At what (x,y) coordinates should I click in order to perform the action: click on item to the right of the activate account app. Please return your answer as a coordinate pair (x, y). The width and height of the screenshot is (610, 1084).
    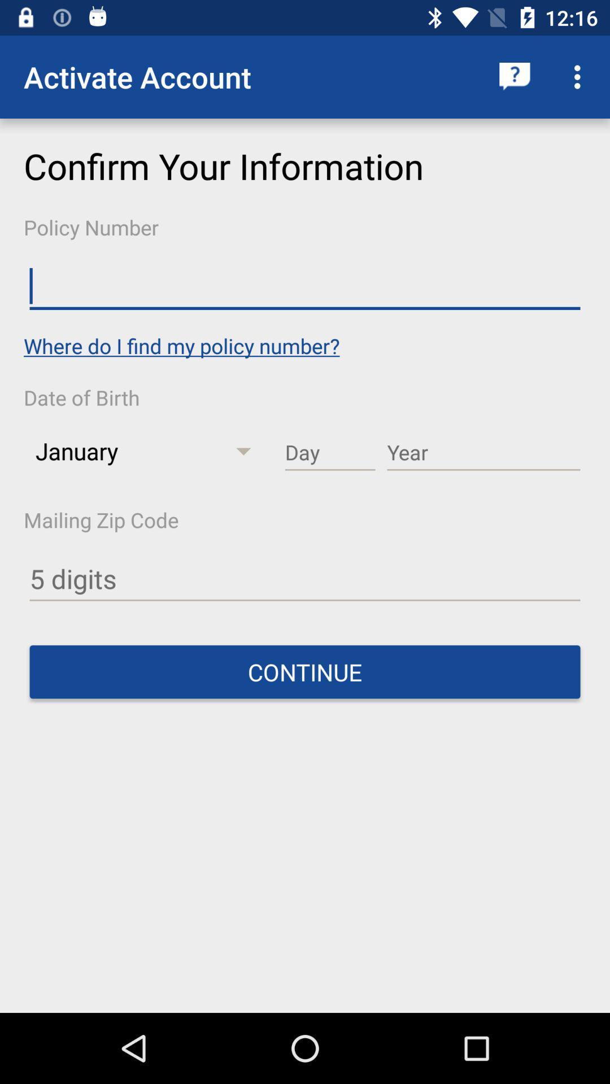
    Looking at the image, I should click on (515, 76).